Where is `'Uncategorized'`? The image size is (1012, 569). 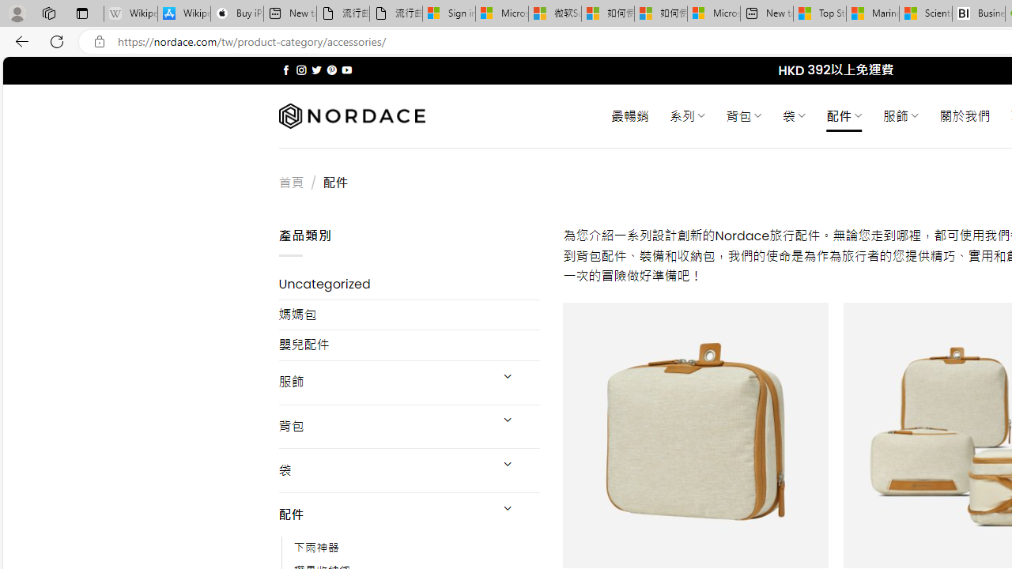 'Uncategorized' is located at coordinates (409, 284).